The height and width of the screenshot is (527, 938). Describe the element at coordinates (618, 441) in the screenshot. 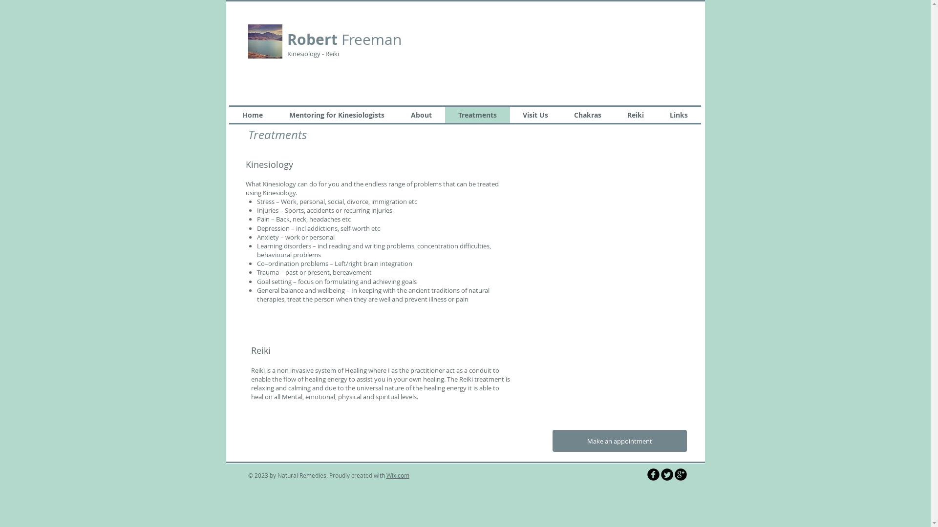

I see `'Make an appointment'` at that location.